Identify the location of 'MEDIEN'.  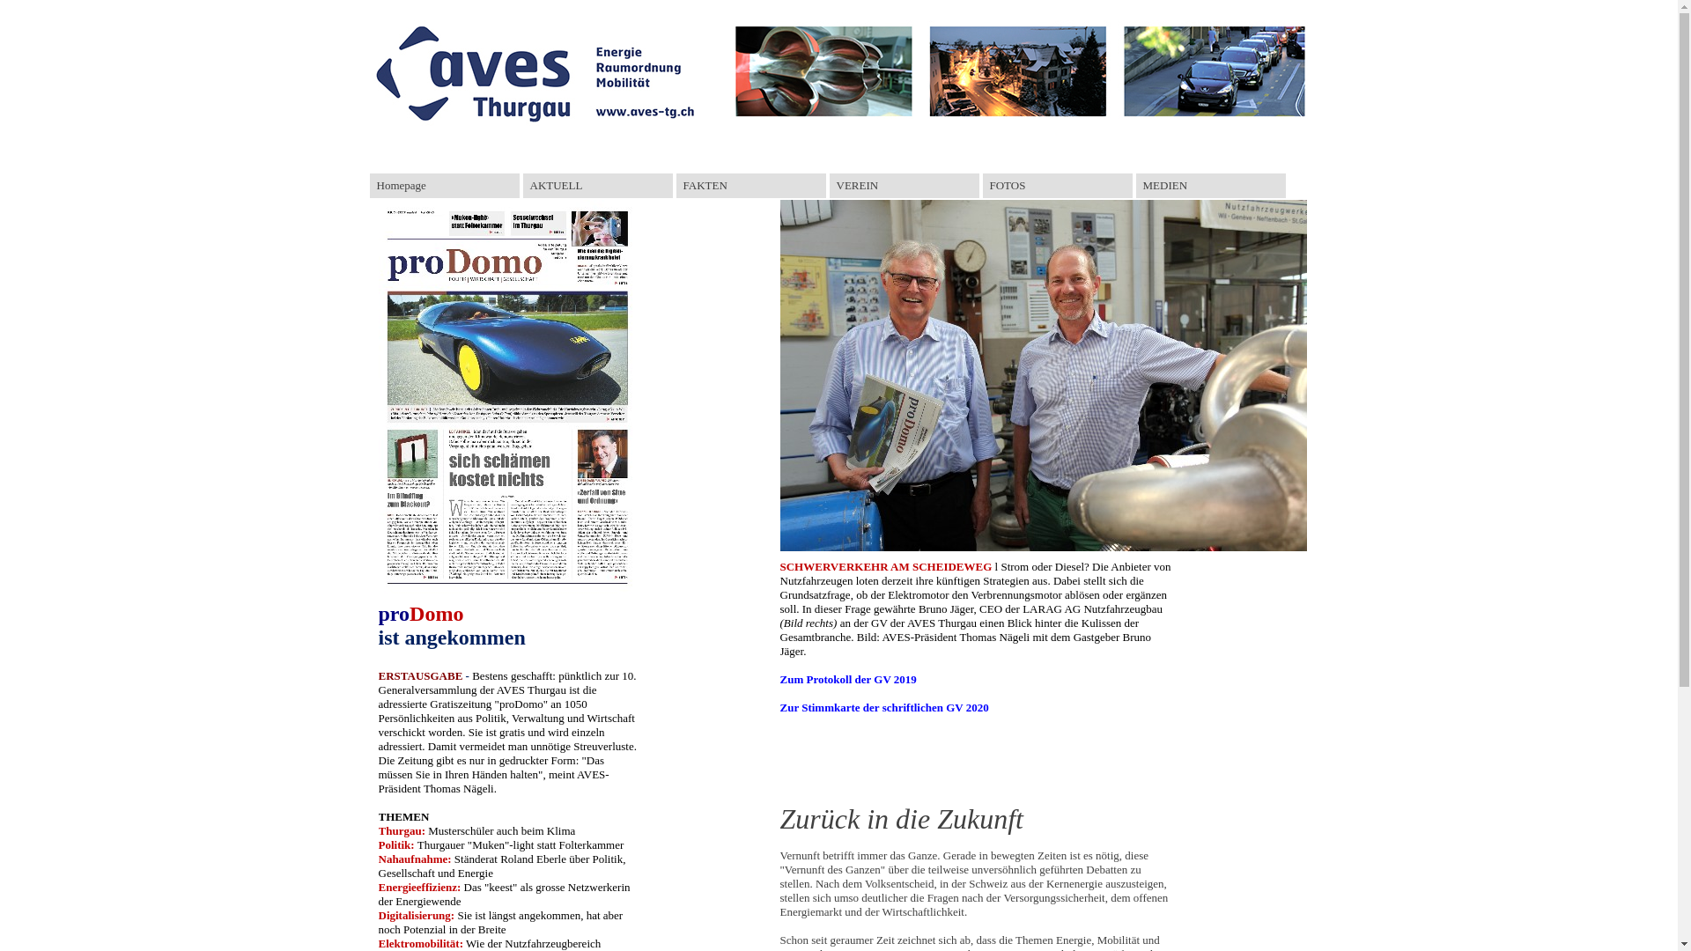
(1209, 186).